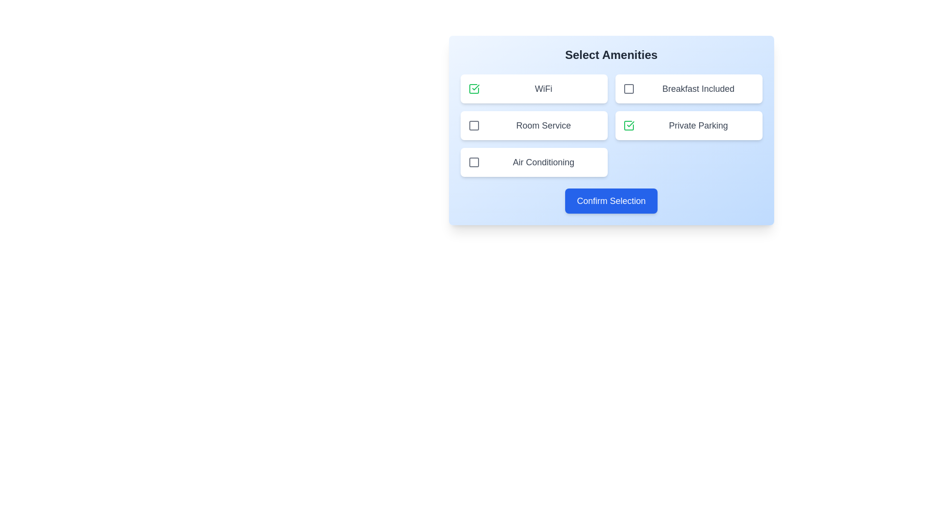 The width and height of the screenshot is (929, 522). I want to click on the text label describing the amenity located to the right of the checkbox in the top-right quadrant of the selection panel, so click(698, 89).